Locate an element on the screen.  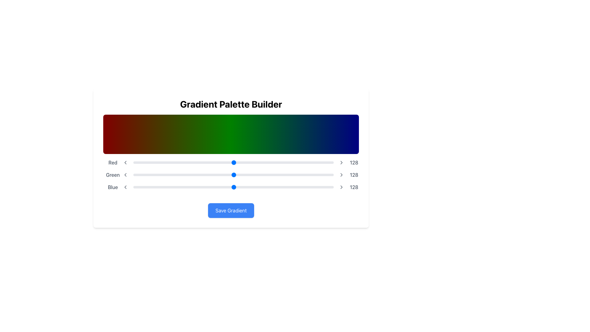
the 'Save Gradient' button is located at coordinates (231, 210).